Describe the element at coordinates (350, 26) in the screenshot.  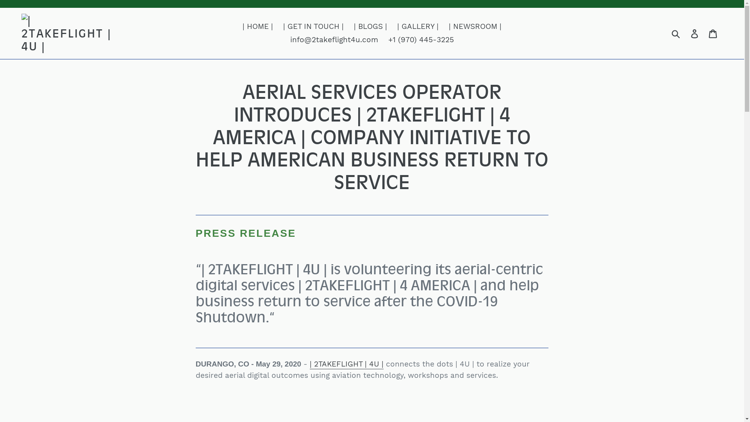
I see `'| BLOGS |'` at that location.